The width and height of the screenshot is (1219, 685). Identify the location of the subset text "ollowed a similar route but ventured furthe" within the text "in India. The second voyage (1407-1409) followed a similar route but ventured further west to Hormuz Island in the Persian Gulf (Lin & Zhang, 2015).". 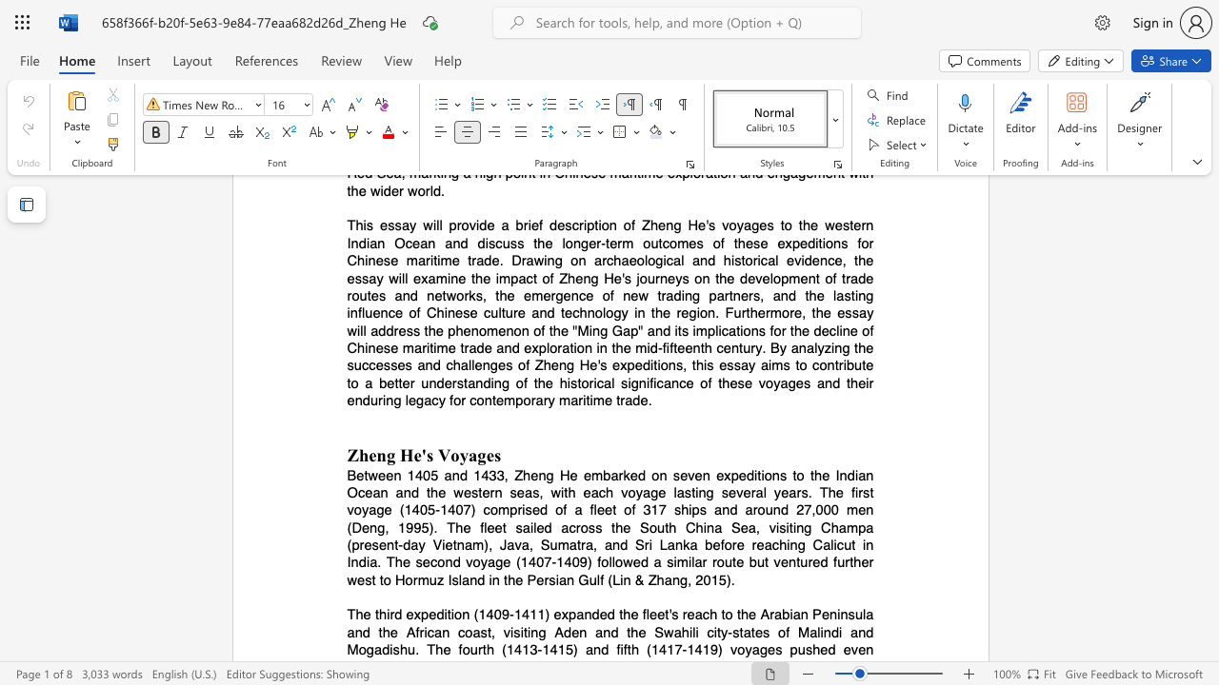
(600, 561).